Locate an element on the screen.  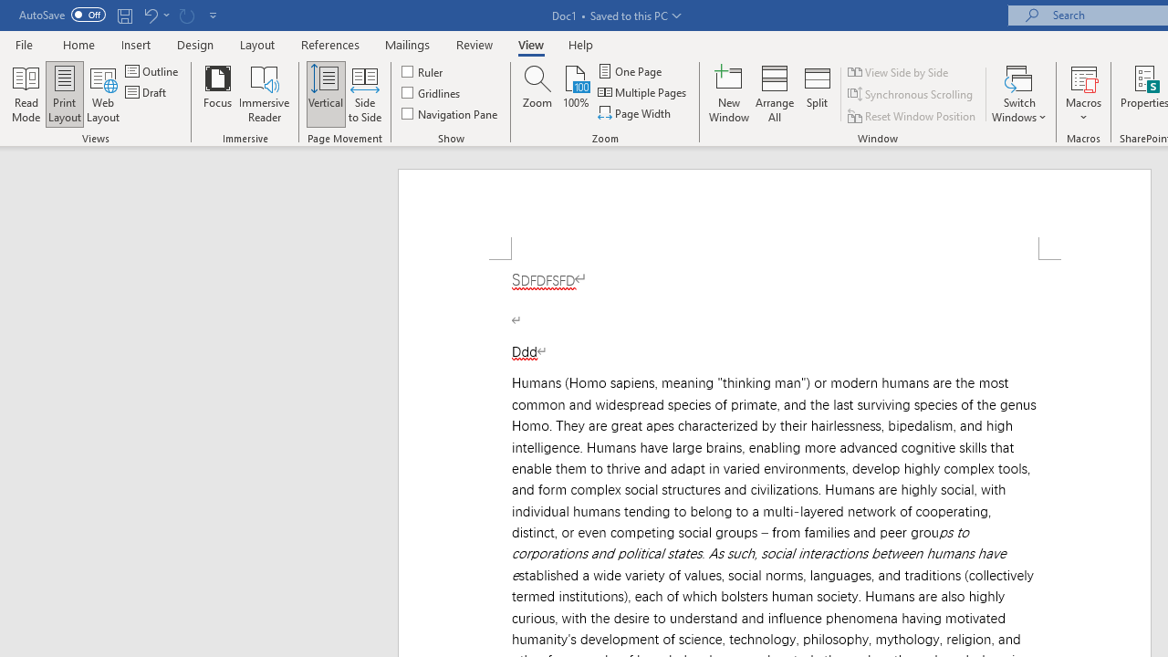
'Page Width' is located at coordinates (635, 113).